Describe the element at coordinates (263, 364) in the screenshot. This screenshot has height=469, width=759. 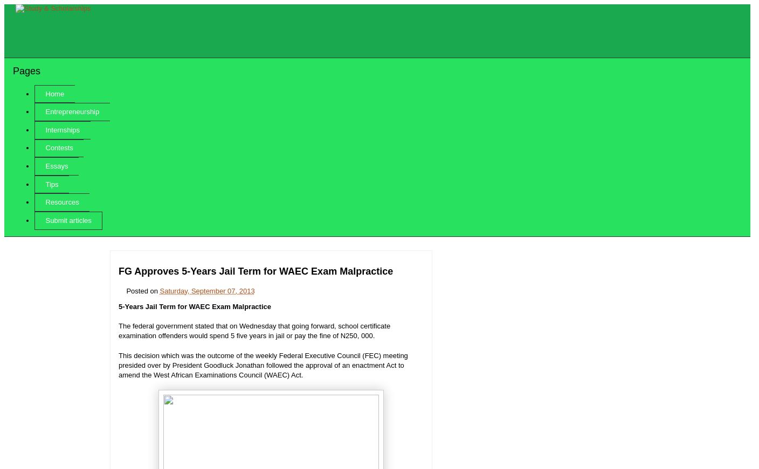
I see `'This decision which was the outcome of the weekly Federal Executive Council (FEC) meeting presided over by President Goodluck Jonathan followed the approval of an enactment Act to amend the West African Examinations Council (WAEC) Act.'` at that location.